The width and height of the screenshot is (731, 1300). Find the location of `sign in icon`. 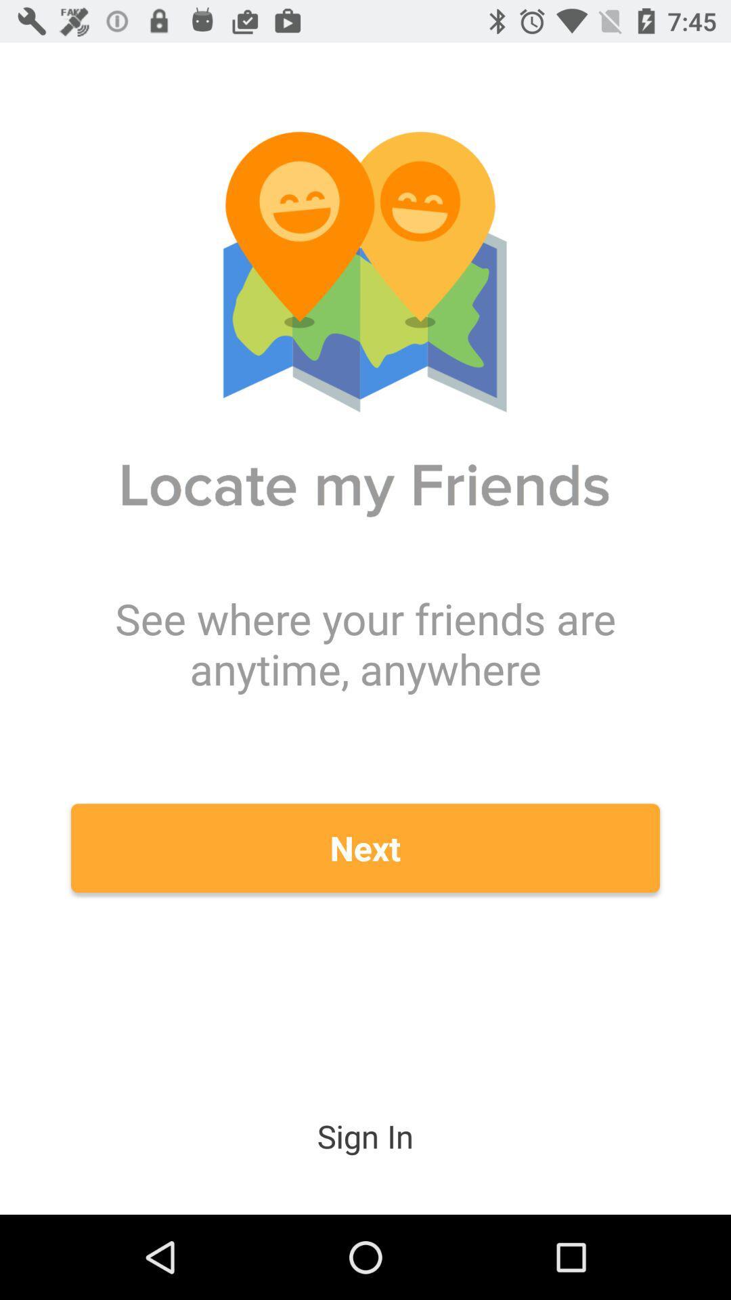

sign in icon is located at coordinates (365, 1136).